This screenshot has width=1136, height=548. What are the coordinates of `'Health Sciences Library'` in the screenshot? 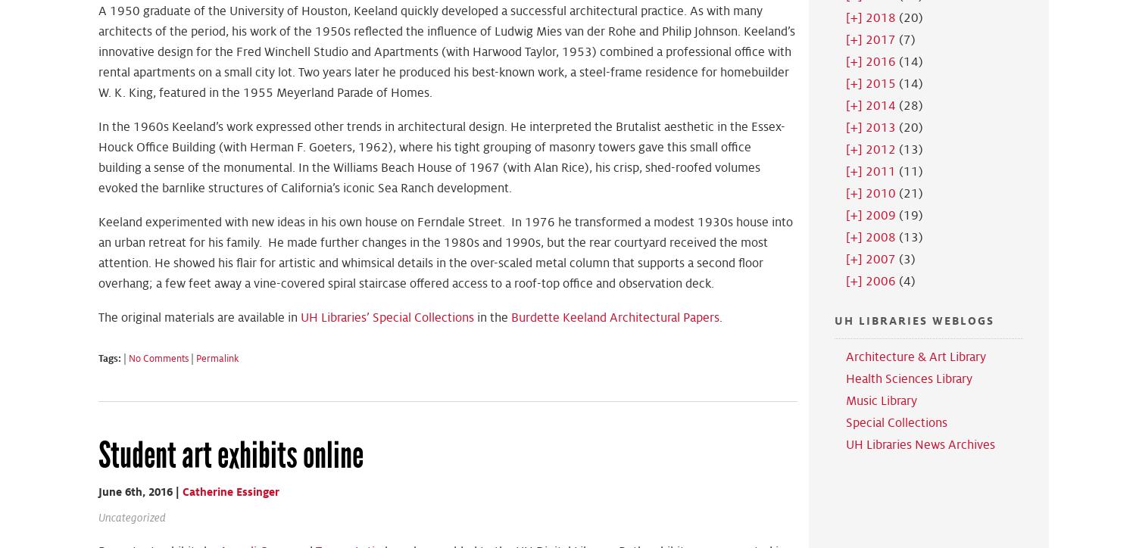 It's located at (907, 378).